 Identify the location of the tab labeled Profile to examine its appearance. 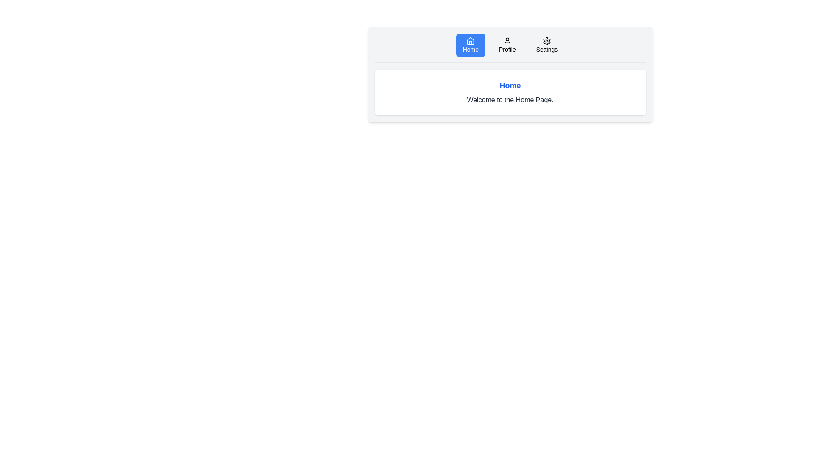
(507, 45).